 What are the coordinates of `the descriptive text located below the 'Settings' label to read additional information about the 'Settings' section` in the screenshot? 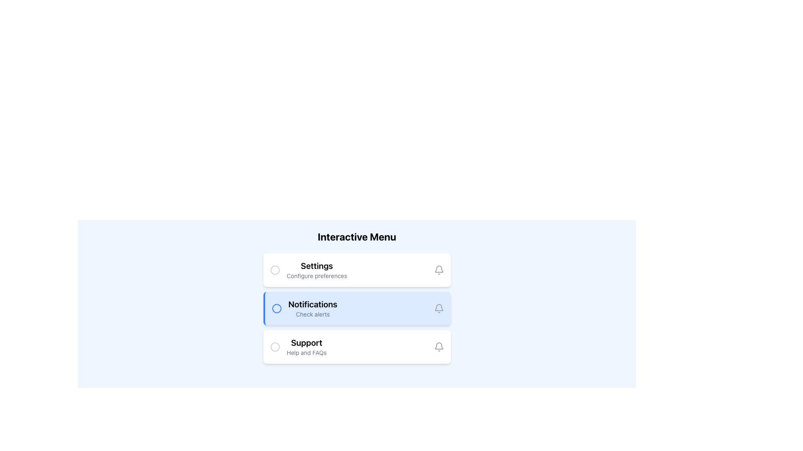 It's located at (316, 276).